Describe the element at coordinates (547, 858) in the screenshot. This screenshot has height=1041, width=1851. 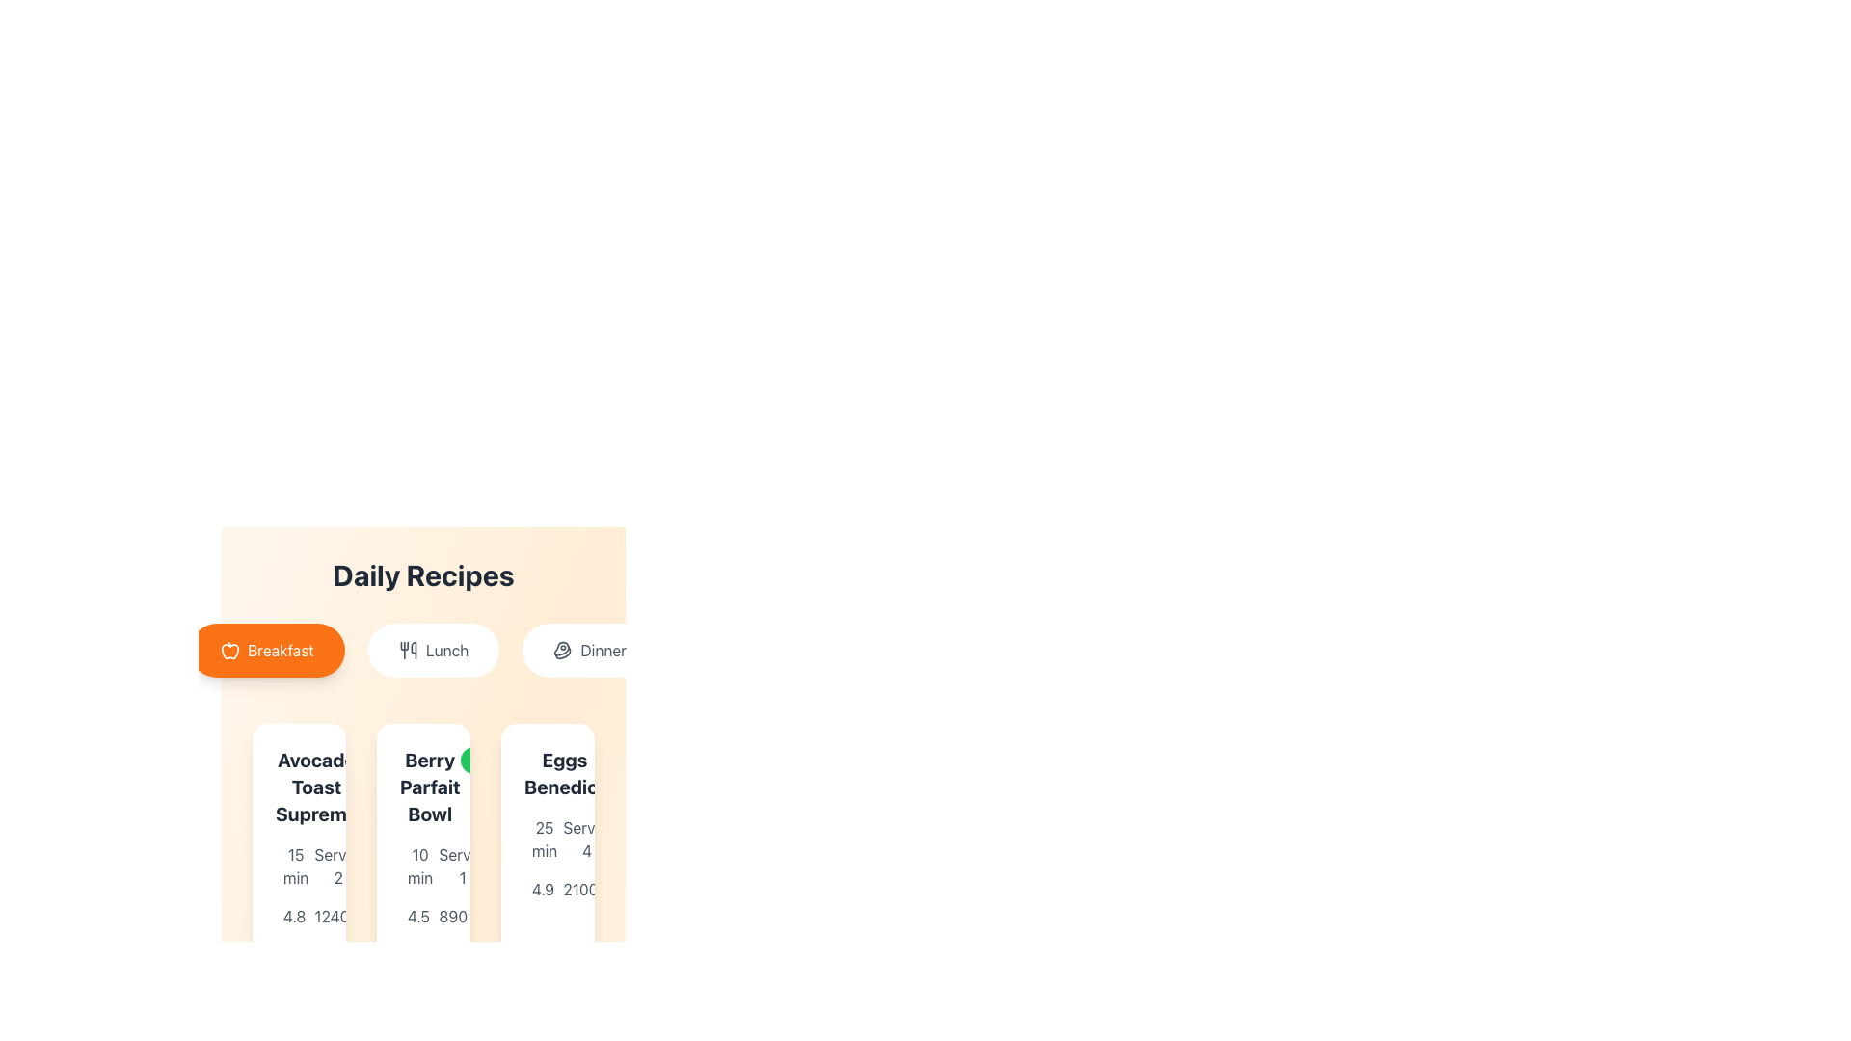
I see `the 'Eggs Benedict' recipe card in the Daily Recipes section` at that location.